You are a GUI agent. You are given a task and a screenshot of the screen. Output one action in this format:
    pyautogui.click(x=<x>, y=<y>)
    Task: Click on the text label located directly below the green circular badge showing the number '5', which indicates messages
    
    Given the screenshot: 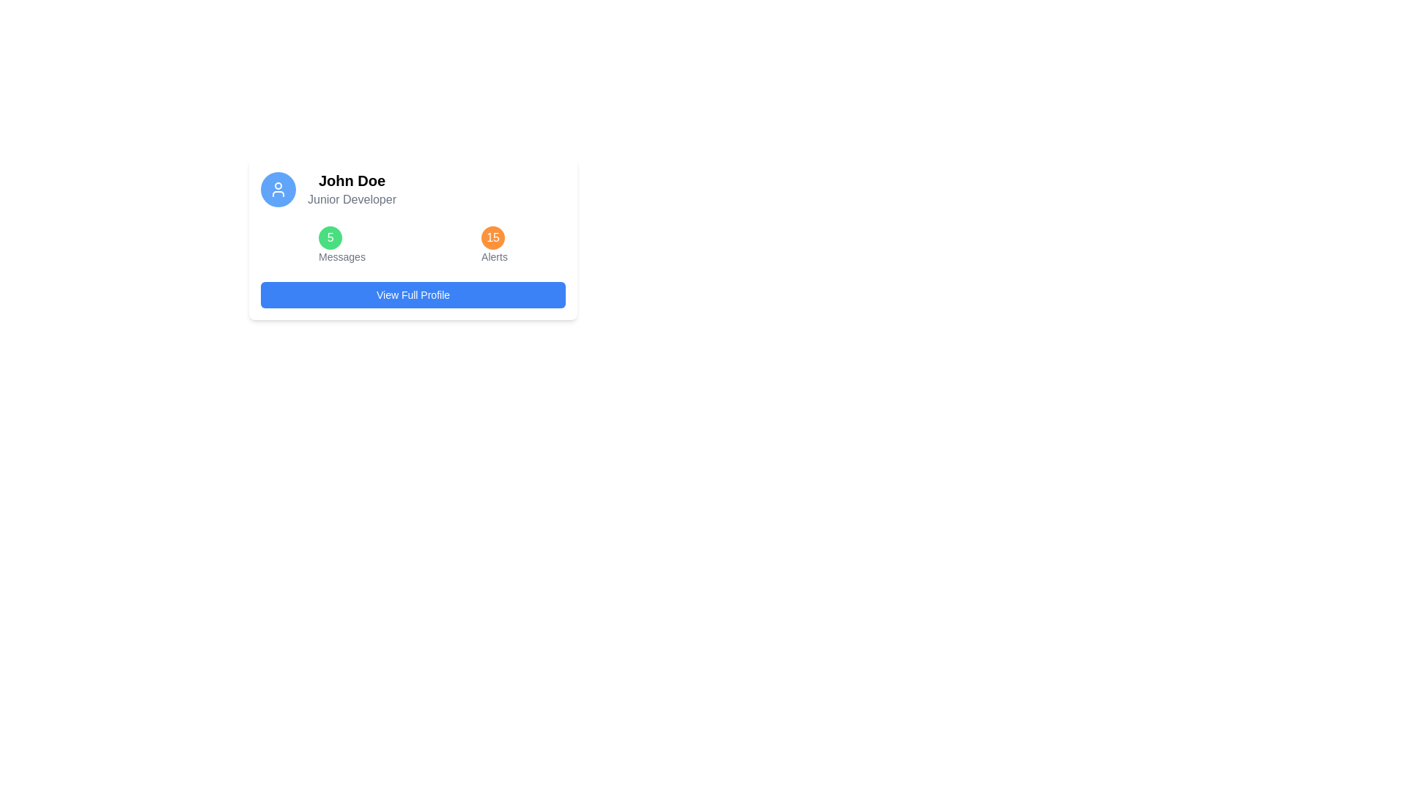 What is the action you would take?
    pyautogui.click(x=341, y=256)
    